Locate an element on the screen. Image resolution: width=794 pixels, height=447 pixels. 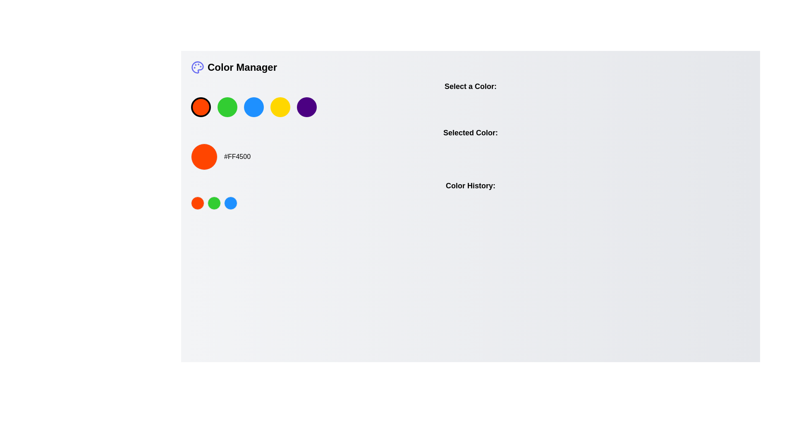
the third circular button for blue color selection located in the bottom-left part of the interface, adjacent to the green and orange buttons is located at coordinates (230, 203).